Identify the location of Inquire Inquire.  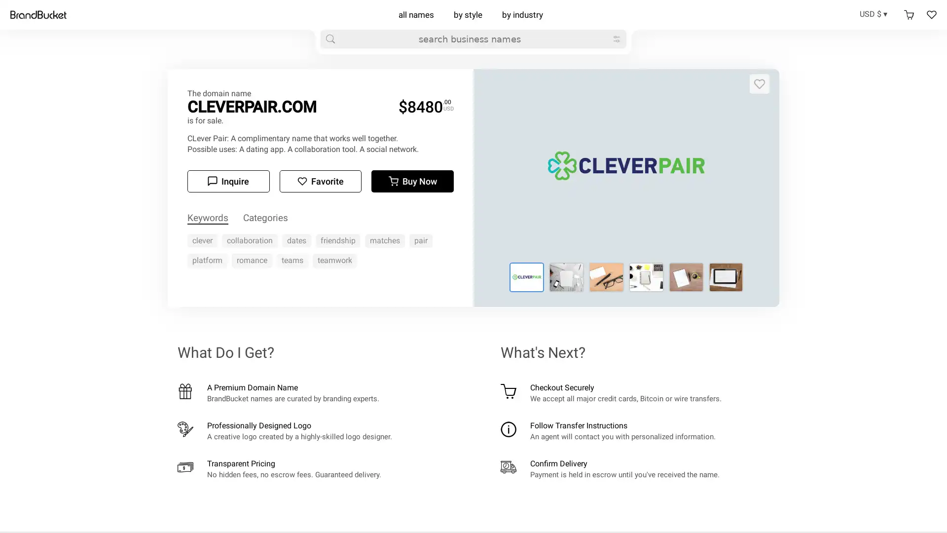
(227, 181).